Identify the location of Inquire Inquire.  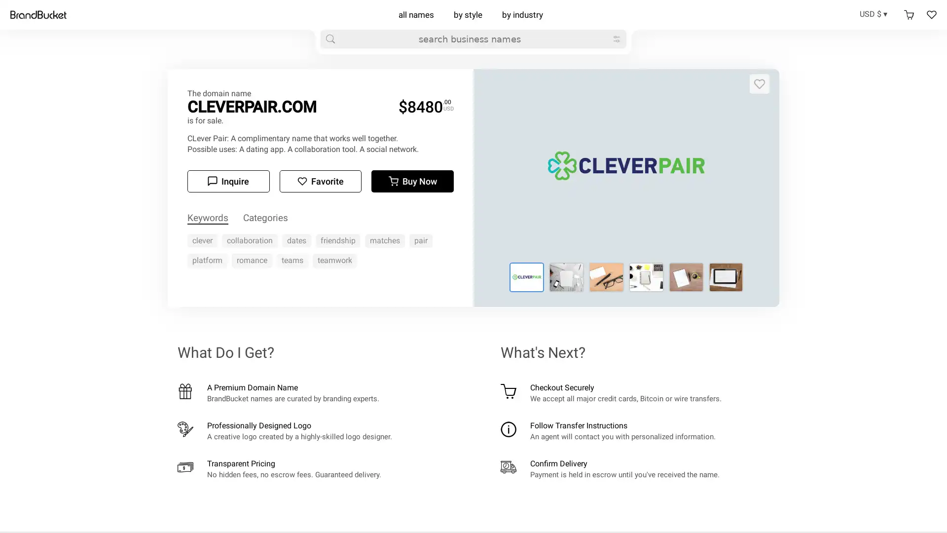
(227, 181).